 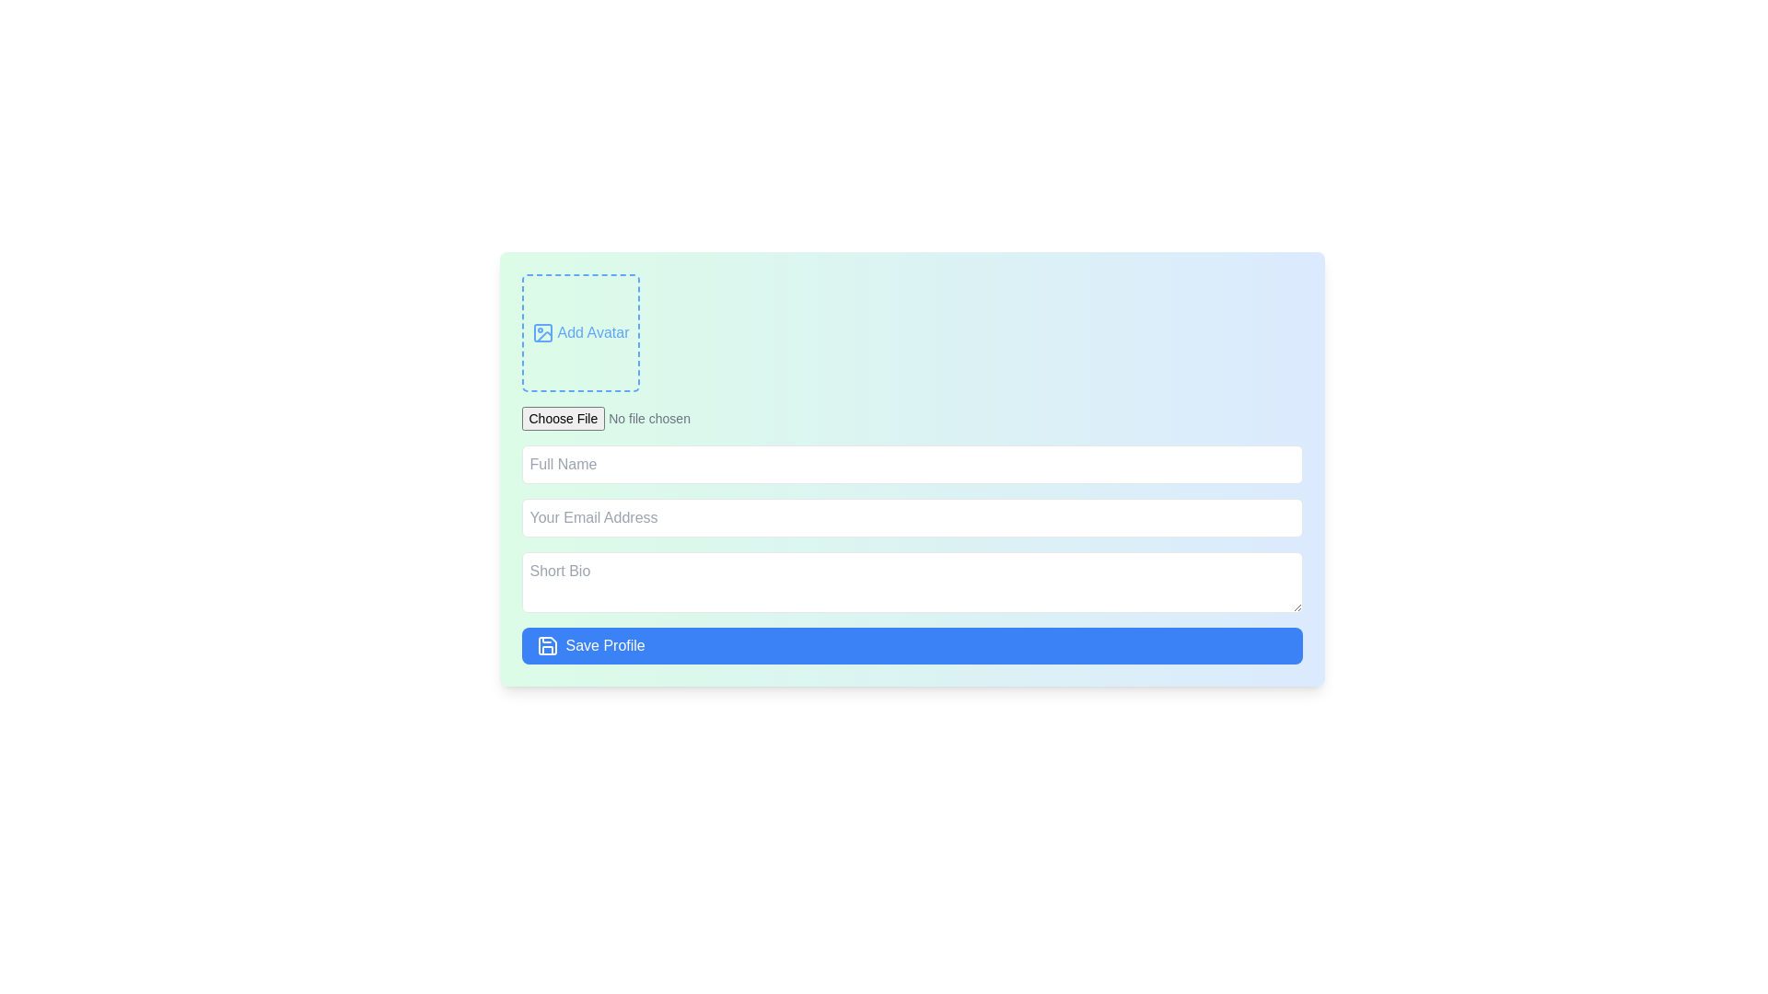 I want to click on the small rectangular shape with rounded corners within the SVG that represents an image icon, located adjacent to the 'Add Avatar' text, so click(x=541, y=333).